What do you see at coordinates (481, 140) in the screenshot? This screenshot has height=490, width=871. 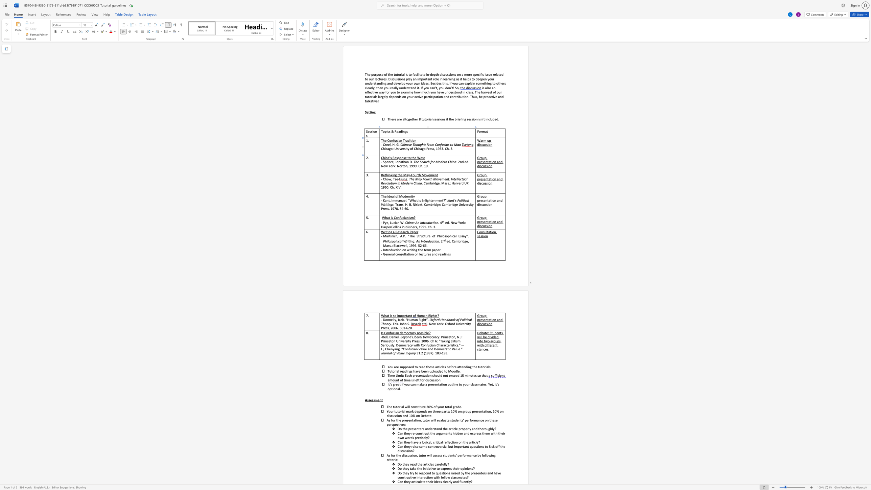 I see `the 1th character "a" in the text` at bounding box center [481, 140].